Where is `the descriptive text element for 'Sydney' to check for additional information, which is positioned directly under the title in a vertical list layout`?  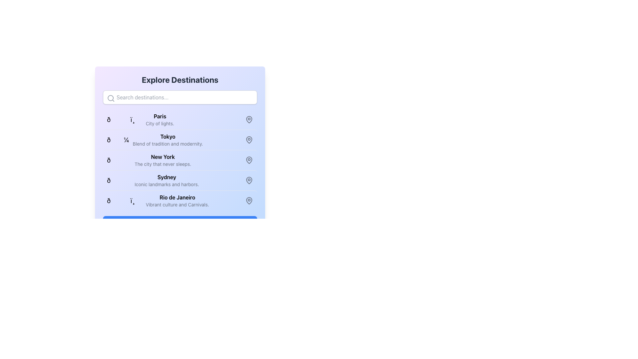 the descriptive text element for 'Sydney' to check for additional information, which is positioned directly under the title in a vertical list layout is located at coordinates (167, 184).